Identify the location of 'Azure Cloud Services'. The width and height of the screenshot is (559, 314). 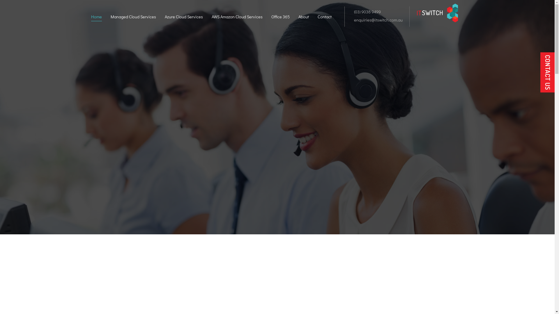
(164, 17).